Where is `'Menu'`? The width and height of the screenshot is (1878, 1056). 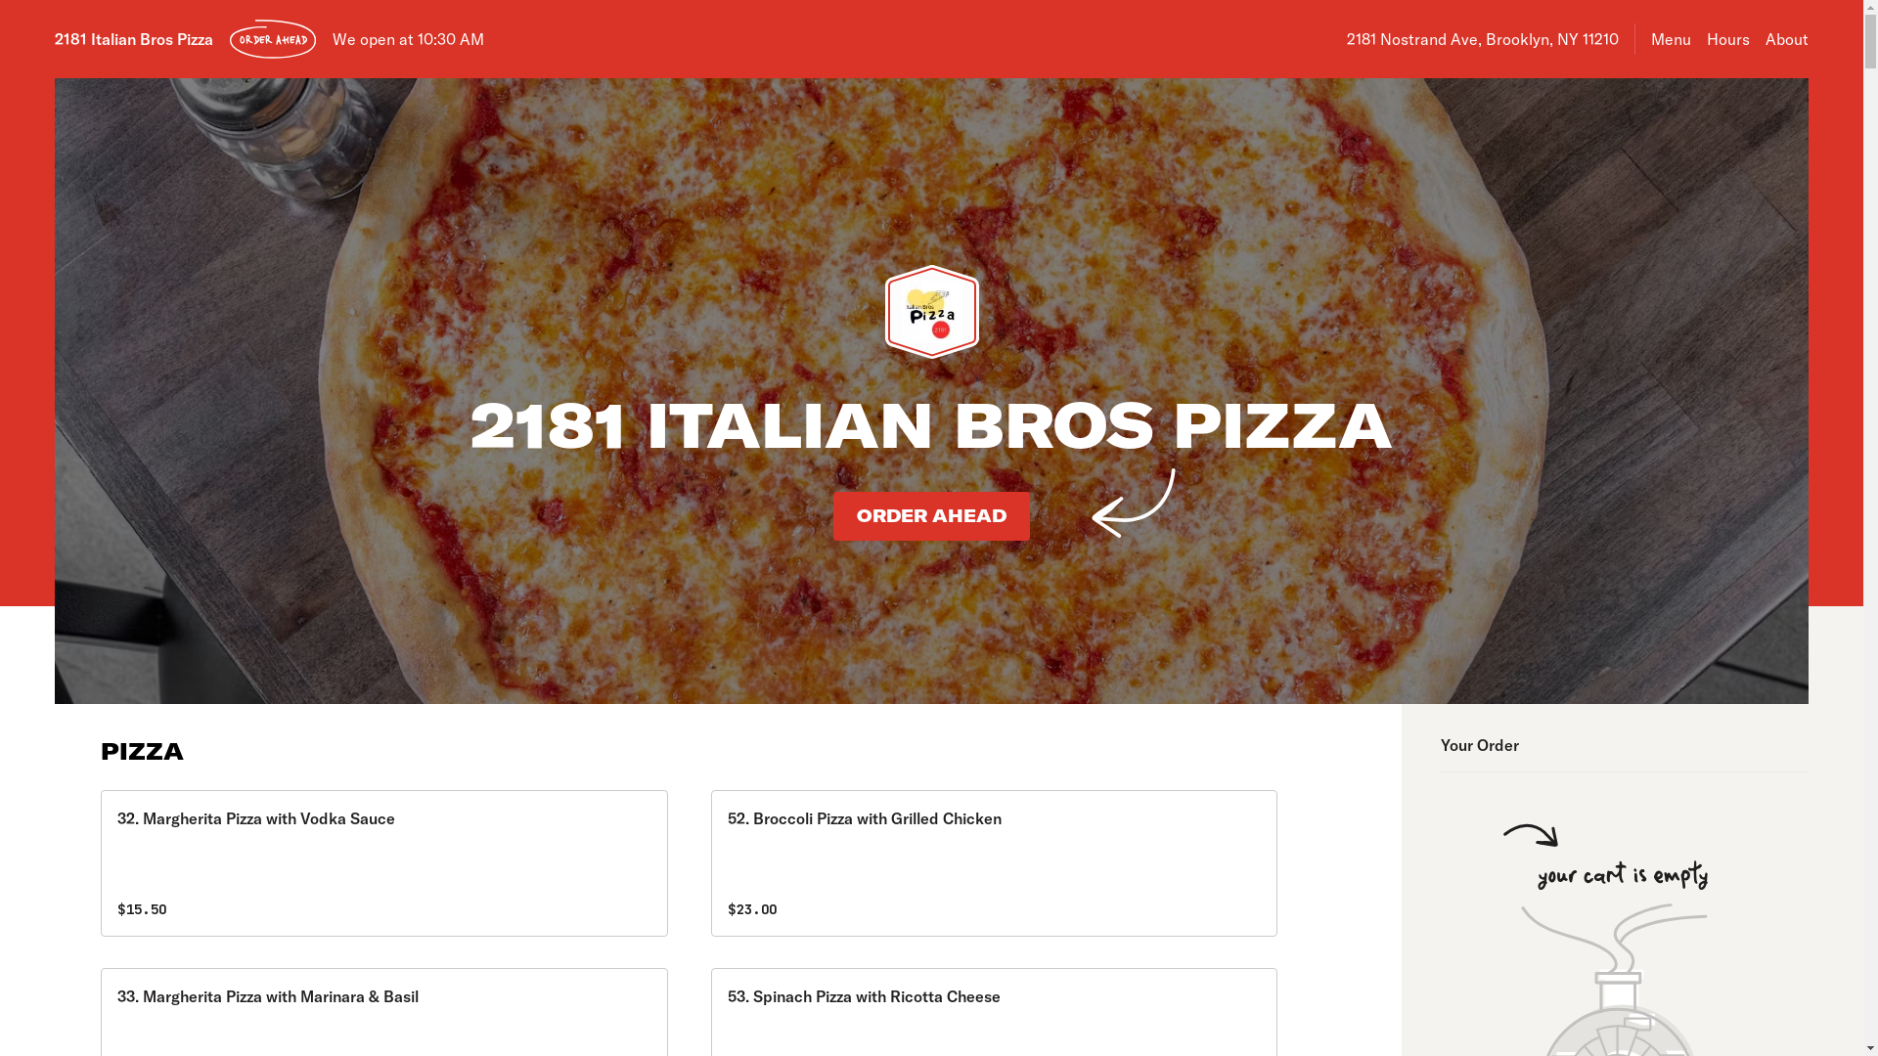
'Menu' is located at coordinates (1670, 38).